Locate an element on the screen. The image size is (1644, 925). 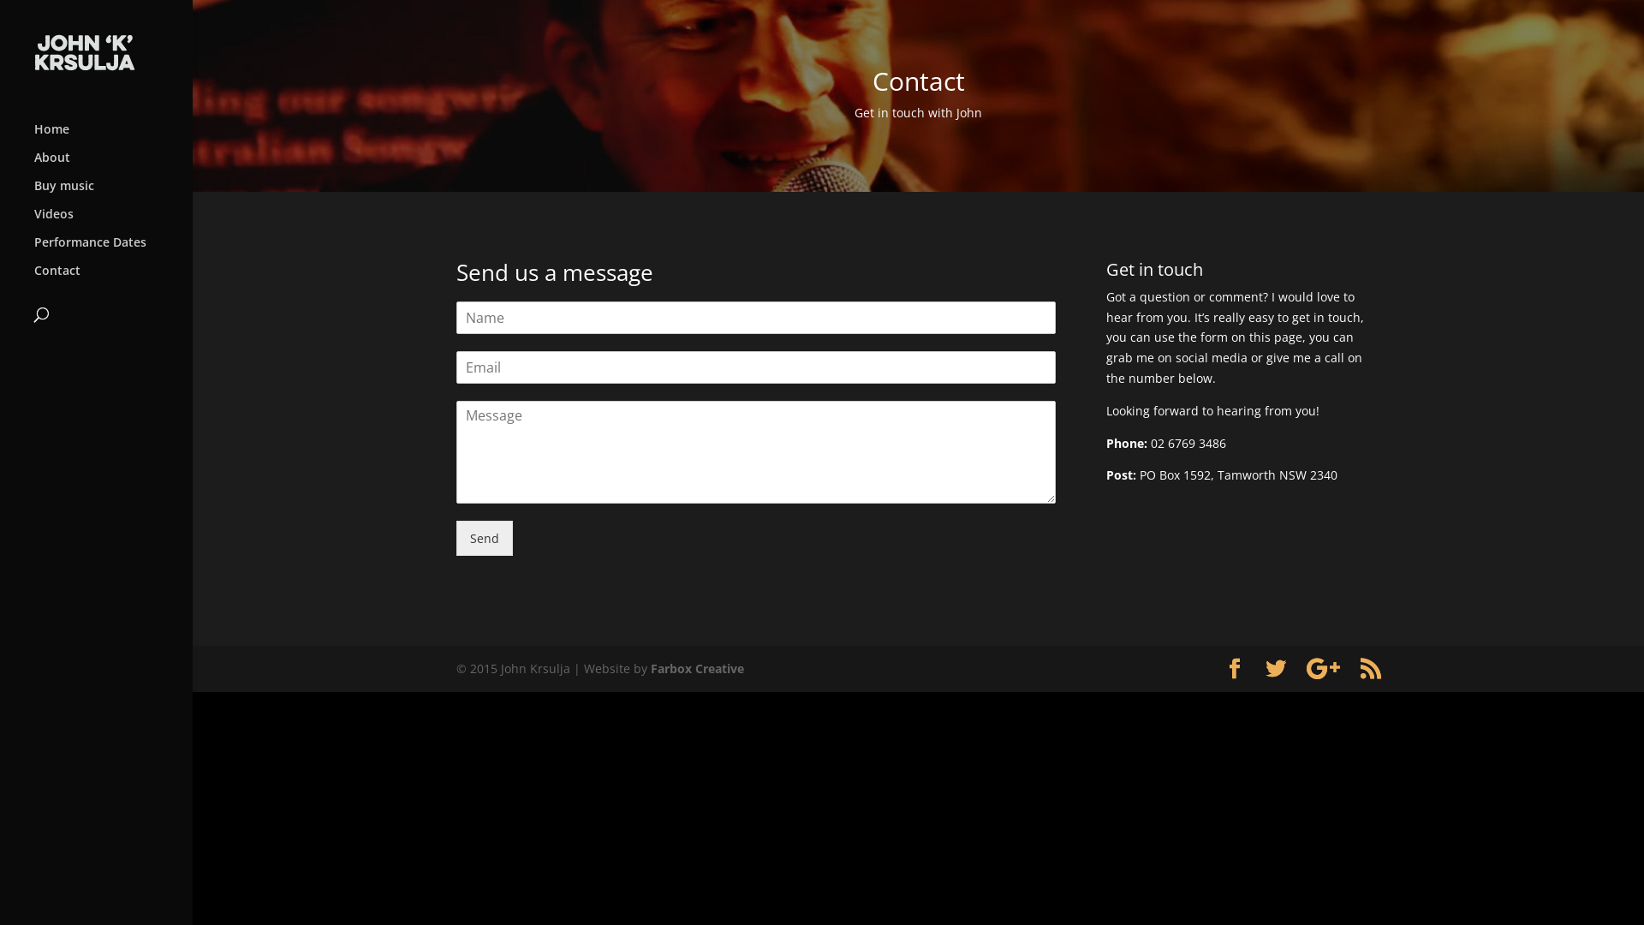
'Send' is located at coordinates (483, 537).